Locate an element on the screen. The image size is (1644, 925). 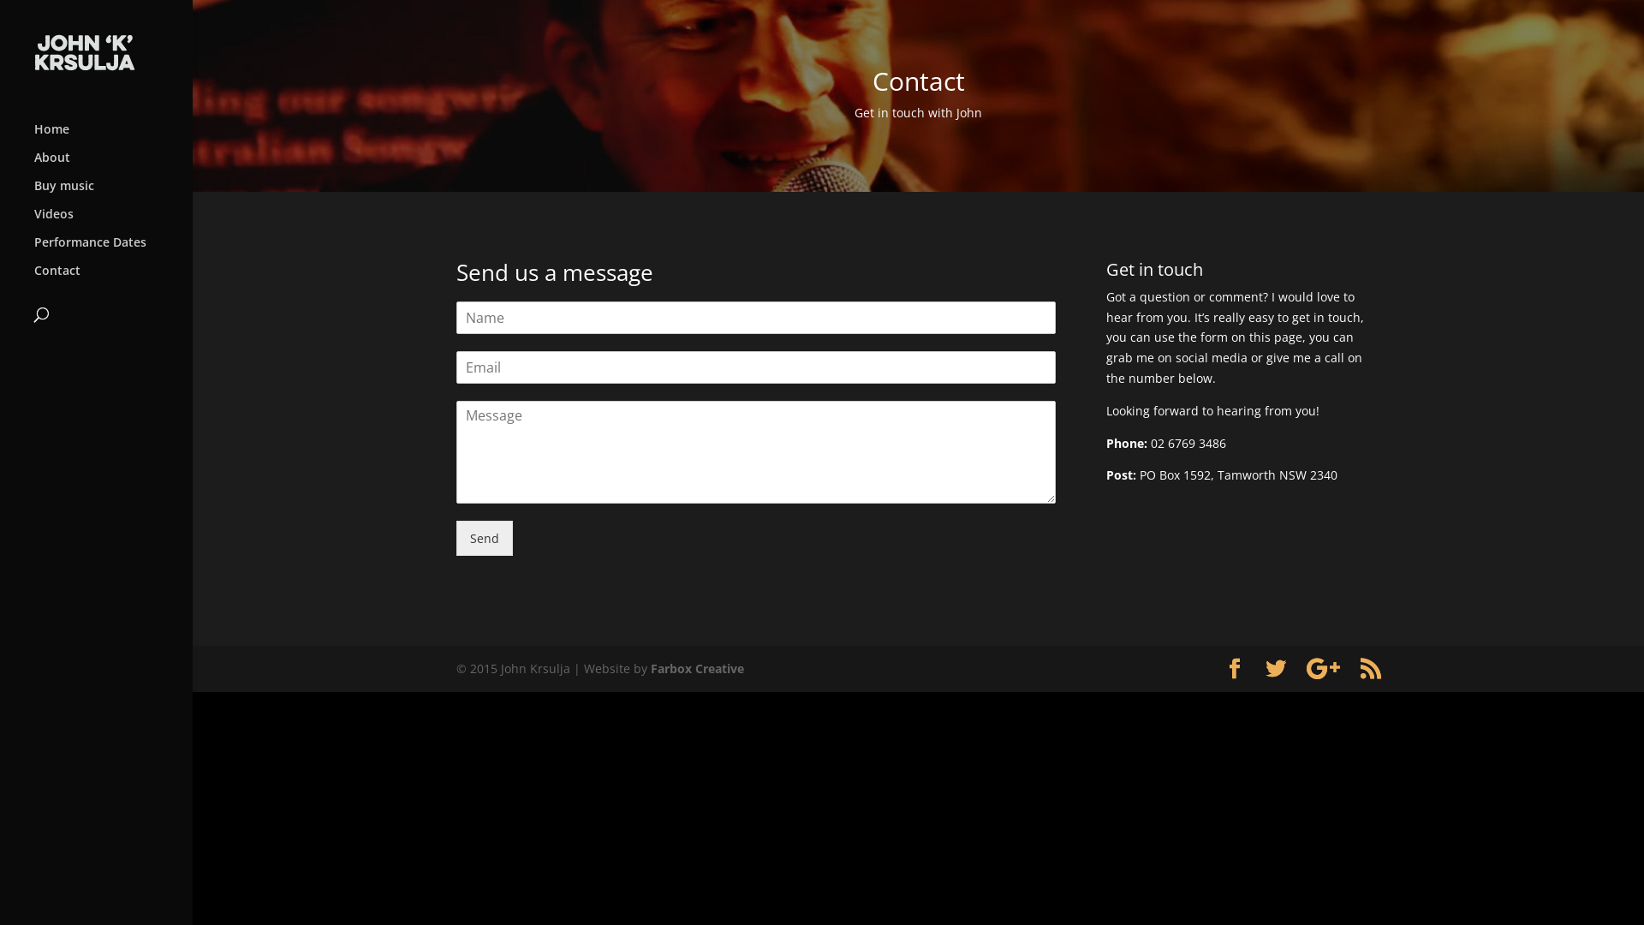
'Send' is located at coordinates (483, 537).